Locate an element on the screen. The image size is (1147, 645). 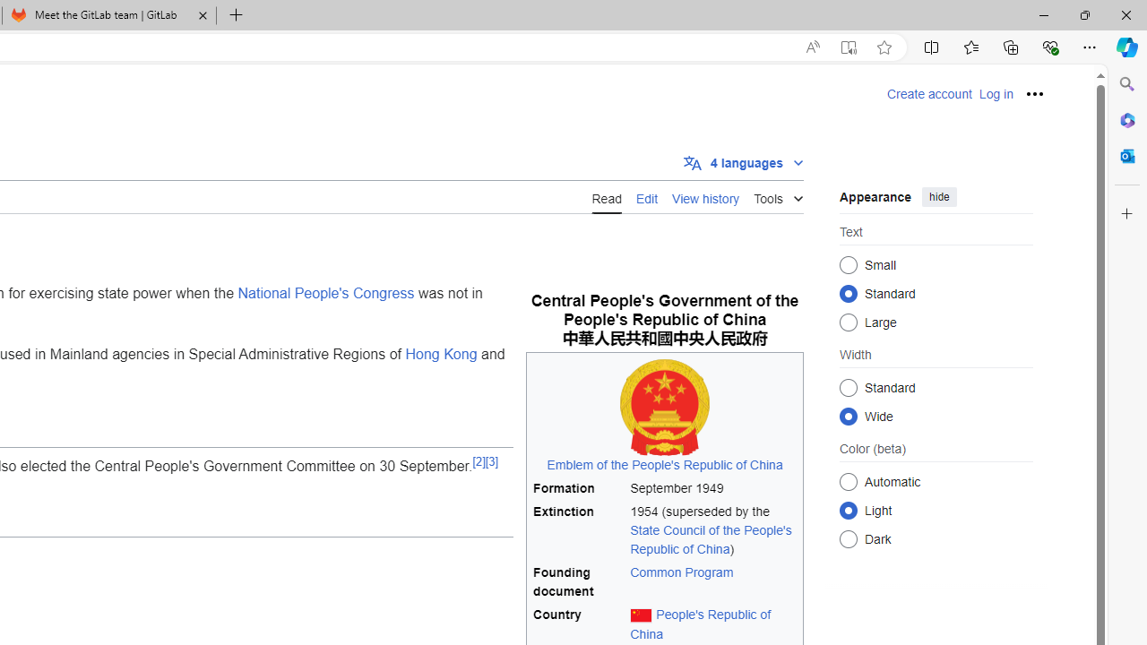
'Small' is located at coordinates (848, 264).